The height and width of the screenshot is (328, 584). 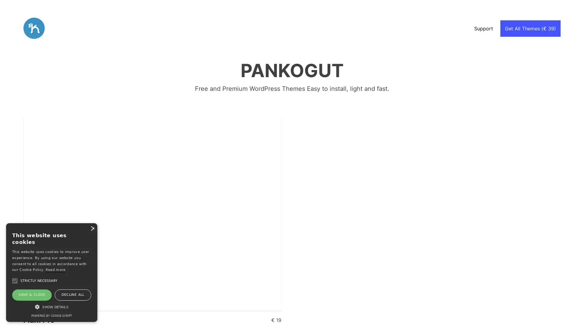 What do you see at coordinates (92, 228) in the screenshot?
I see `Close` at bounding box center [92, 228].